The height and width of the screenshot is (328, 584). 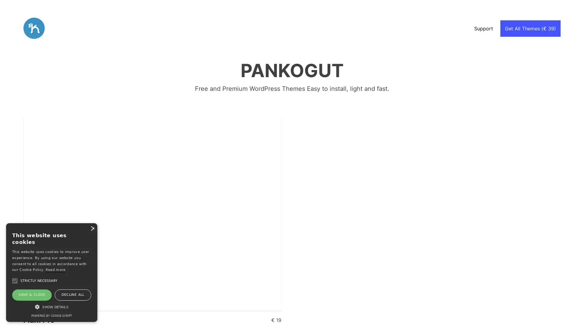 What do you see at coordinates (92, 228) in the screenshot?
I see `Close` at bounding box center [92, 228].